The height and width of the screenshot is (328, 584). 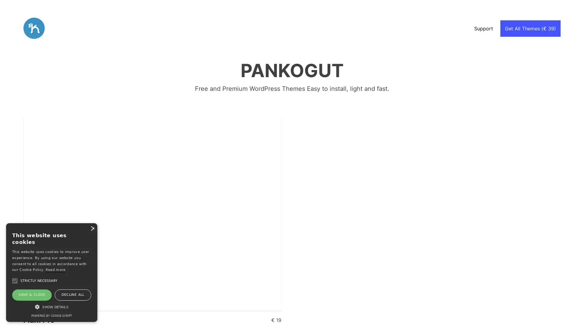 What do you see at coordinates (92, 228) in the screenshot?
I see `Close` at bounding box center [92, 228].